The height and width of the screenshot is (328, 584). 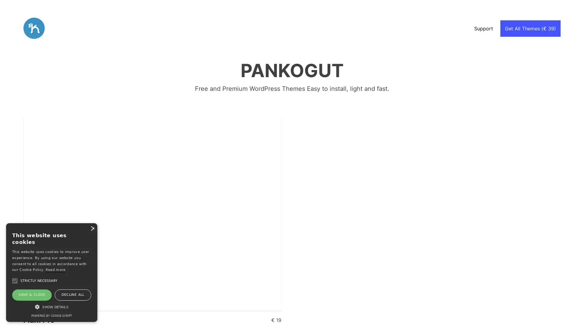 What do you see at coordinates (92, 228) in the screenshot?
I see `Close` at bounding box center [92, 228].